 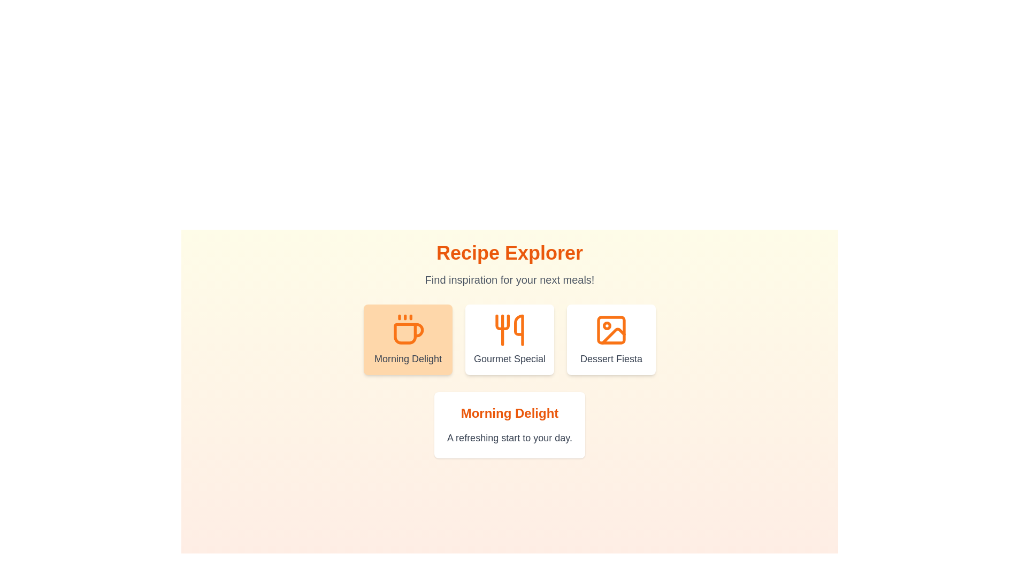 I want to click on text content of the header element displaying 'Recipe Explorer' at the top of the interface, so click(x=509, y=253).